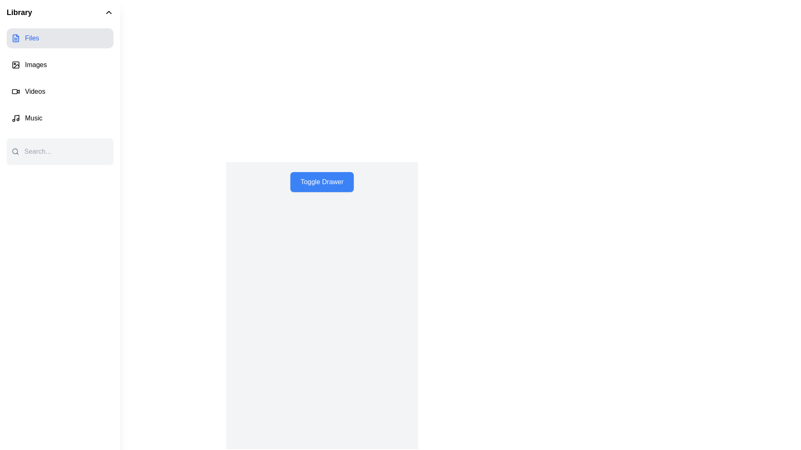  I want to click on the Text label that serves to navigate to the music section, located within the third item of the navigation list, positioned below 'Videos' and above the search bar, so click(33, 118).